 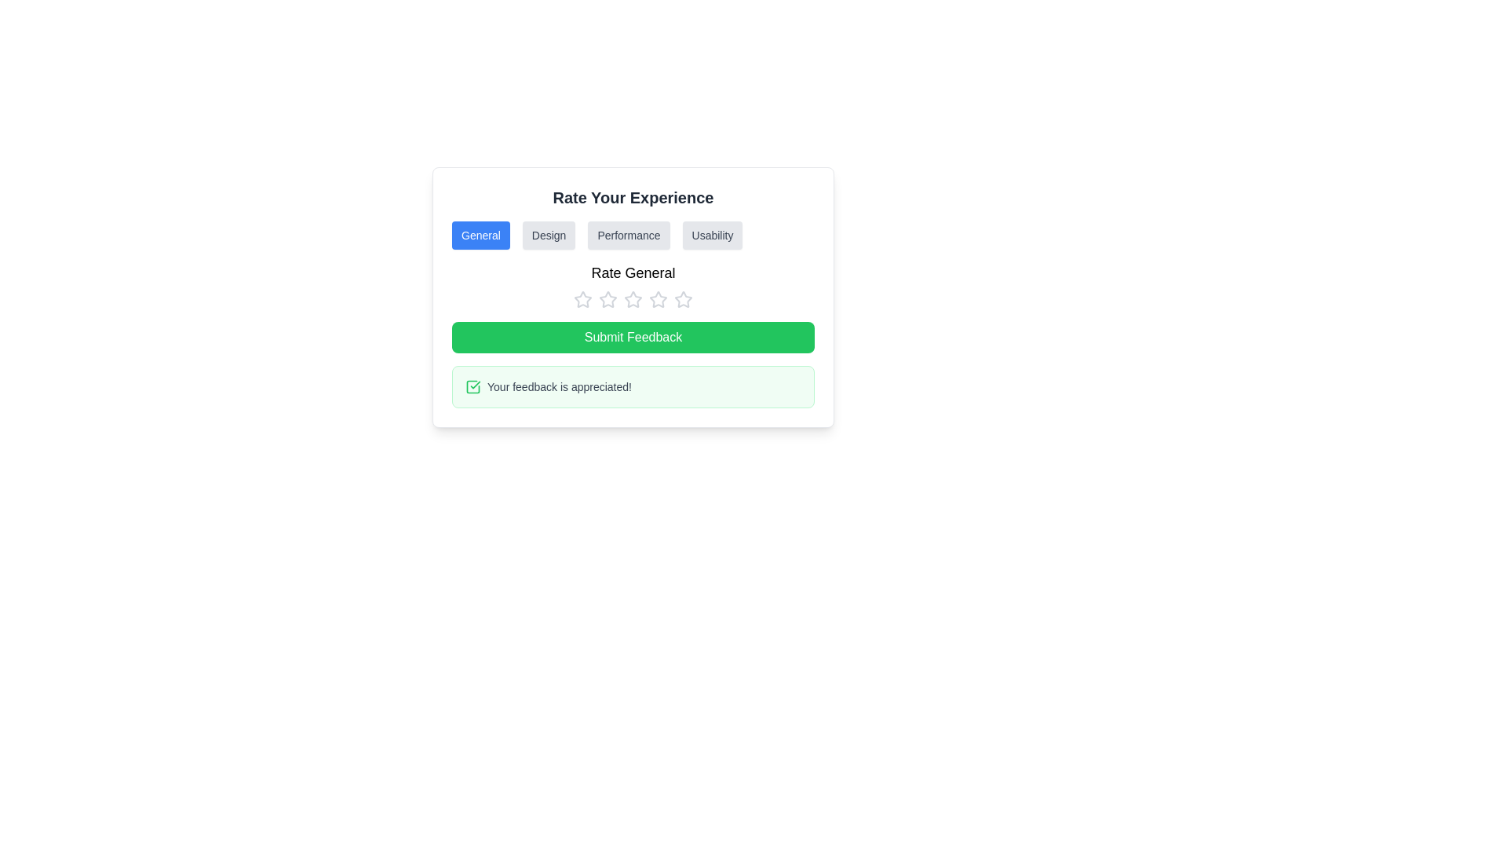 I want to click on the fifth rating star icon, which is a gray star outline with a hollow center, so click(x=683, y=299).